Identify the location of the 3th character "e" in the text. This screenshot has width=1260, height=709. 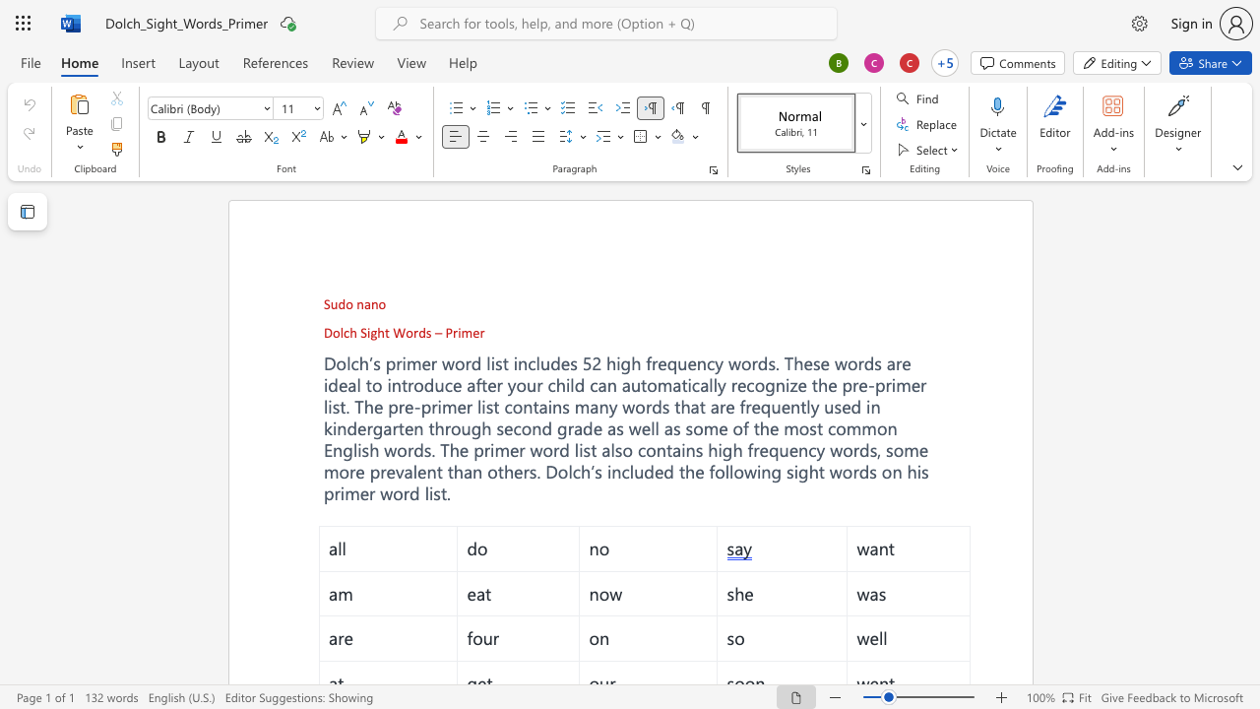
(922, 449).